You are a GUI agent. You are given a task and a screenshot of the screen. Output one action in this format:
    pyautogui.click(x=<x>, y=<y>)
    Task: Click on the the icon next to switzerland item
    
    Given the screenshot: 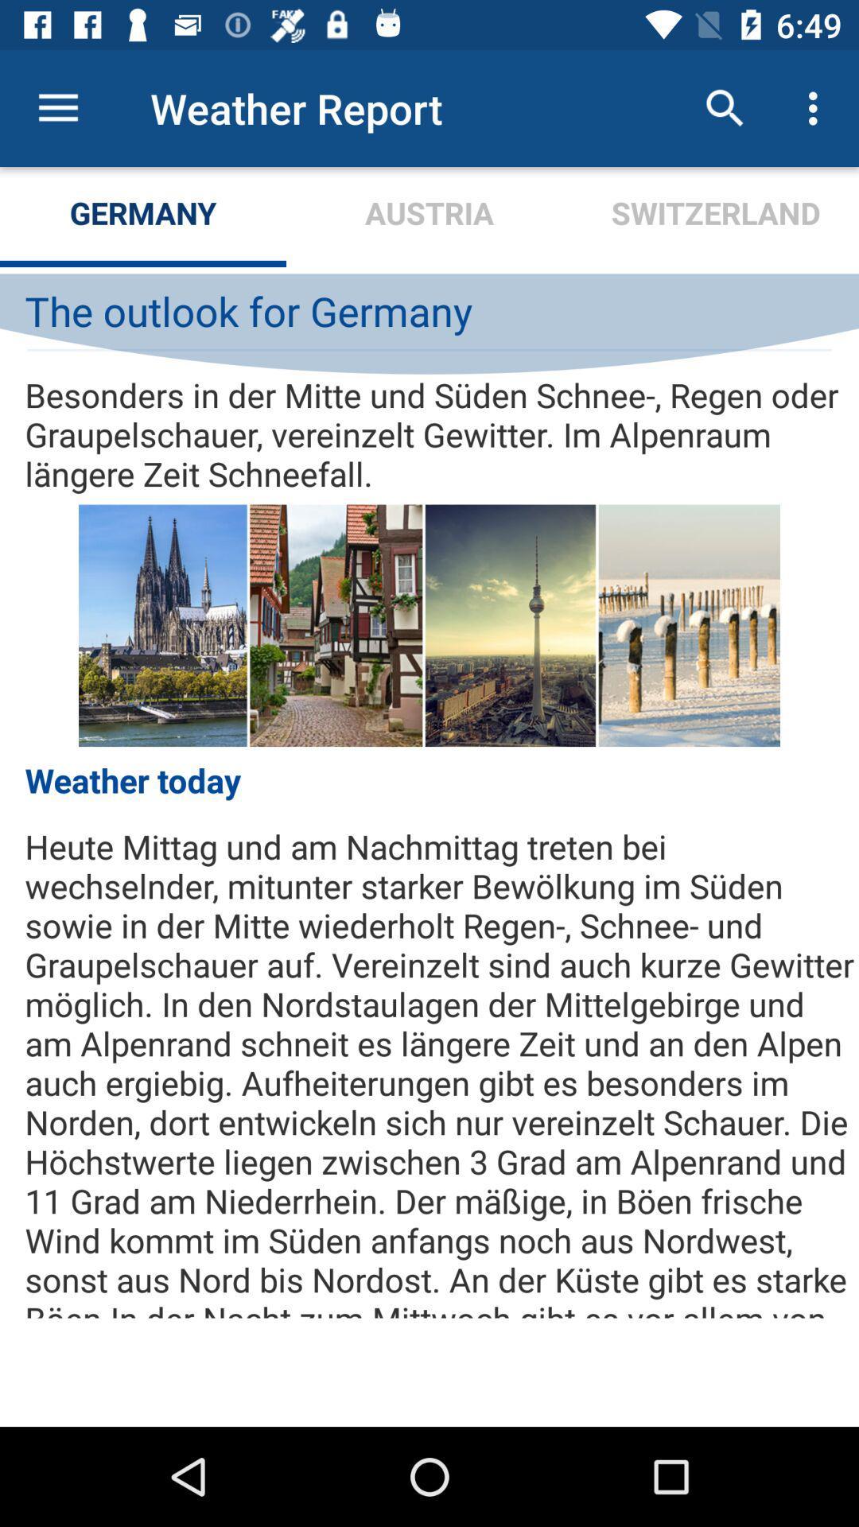 What is the action you would take?
    pyautogui.click(x=429, y=216)
    